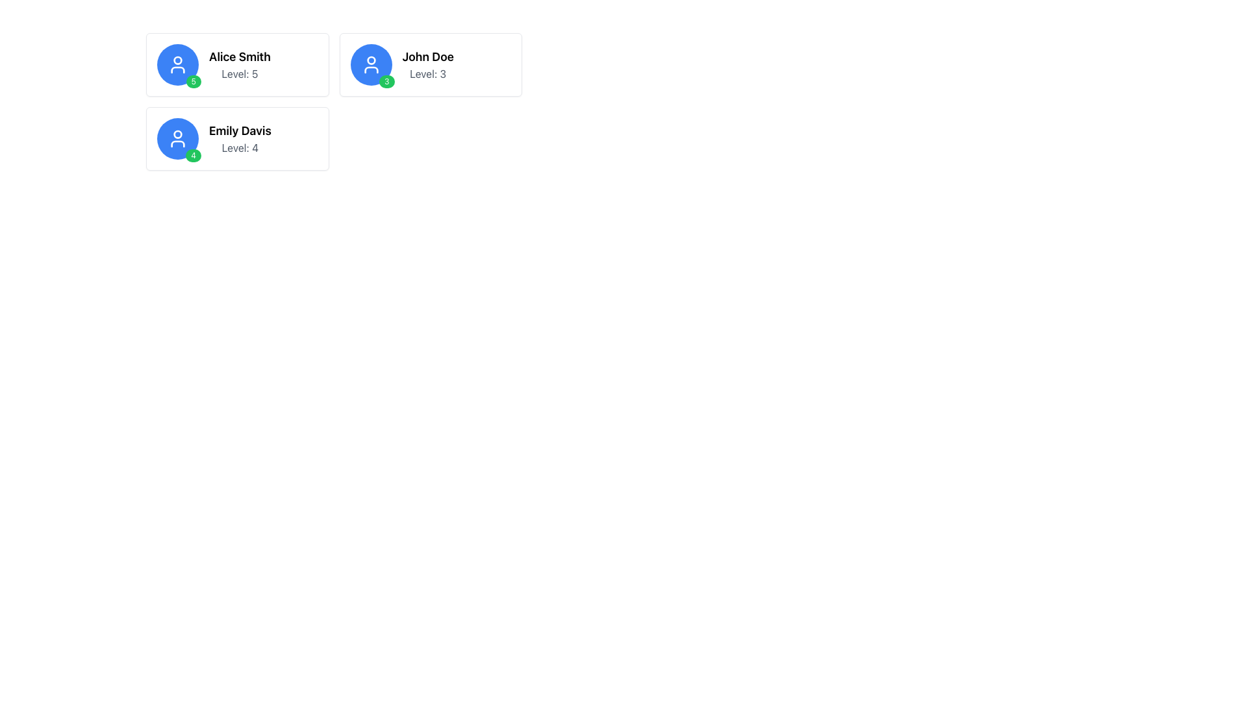 The image size is (1247, 701). What do you see at coordinates (193, 82) in the screenshot?
I see `the small circular badge with a green background displaying the number '5', which is positioned at the bottom-right edge of a larger blue circular user profile image for Alice Smith` at bounding box center [193, 82].